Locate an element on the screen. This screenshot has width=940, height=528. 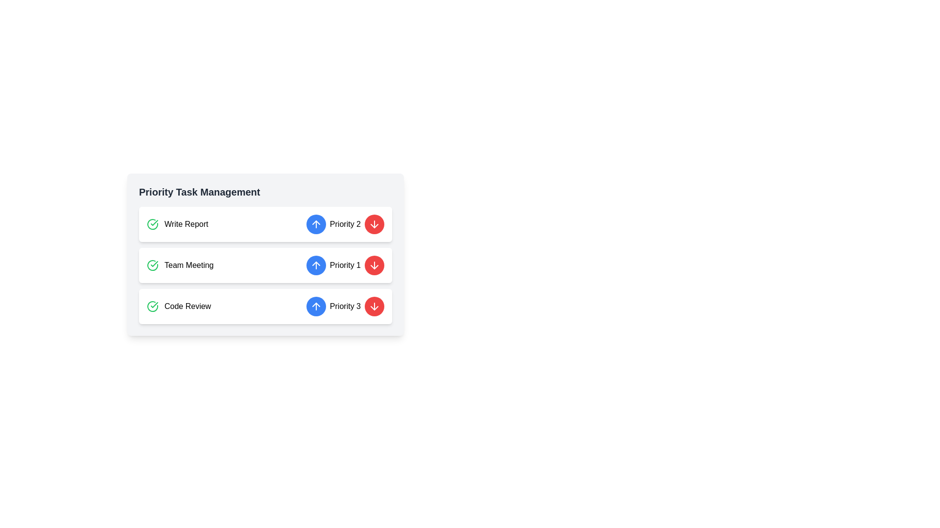
the button that increments or changes the priority level of the 'Code Review' task, located in the 'Priority 3' row between 'Code Review' and a red downward arrow button is located at coordinates (316, 306).